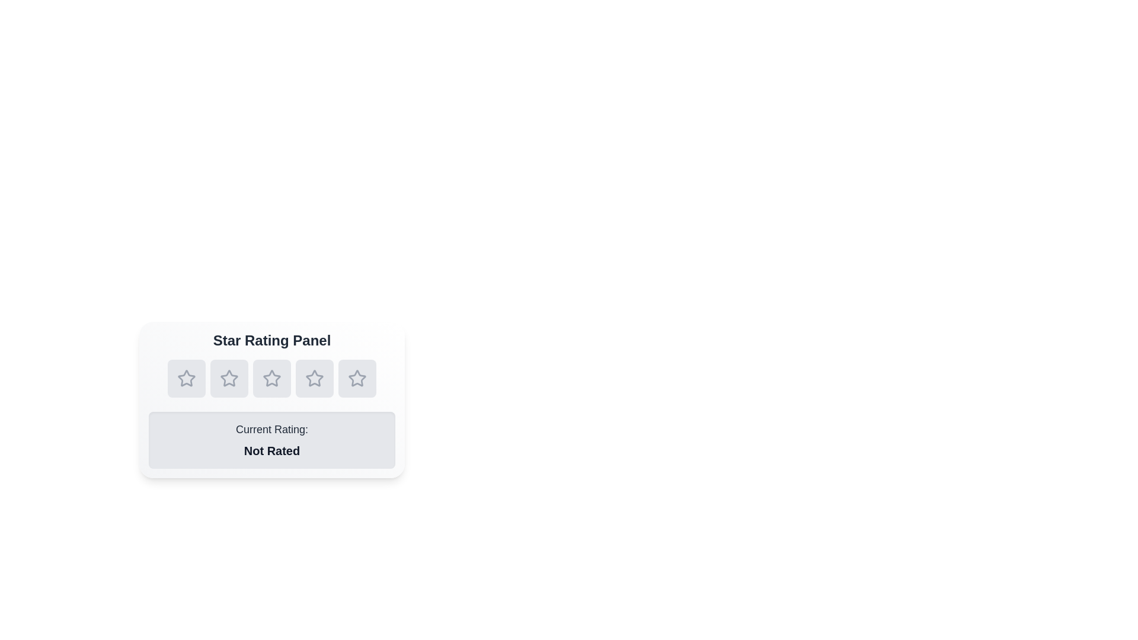 The width and height of the screenshot is (1138, 640). I want to click on the outlined star icon located in the 'Star Rating Panel', which is the second star in a series of five stars, so click(229, 379).